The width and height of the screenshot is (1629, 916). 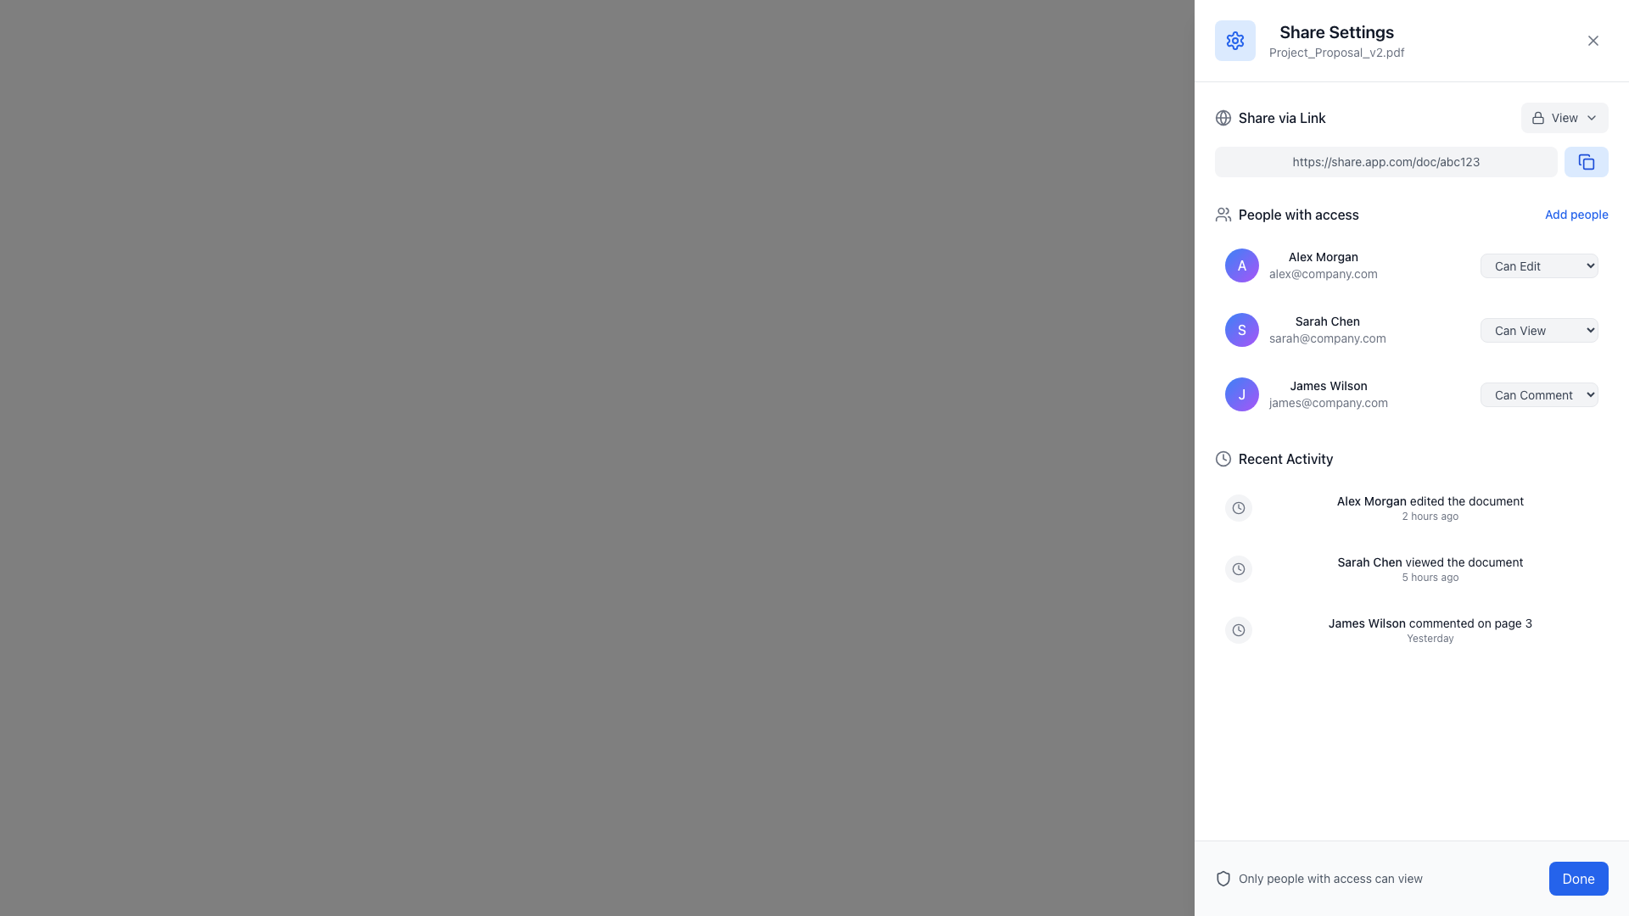 What do you see at coordinates (1304, 330) in the screenshot?
I see `to select the second entry in the 'People with access' list, which contains a circular icon, a bold name, and an email address below it` at bounding box center [1304, 330].